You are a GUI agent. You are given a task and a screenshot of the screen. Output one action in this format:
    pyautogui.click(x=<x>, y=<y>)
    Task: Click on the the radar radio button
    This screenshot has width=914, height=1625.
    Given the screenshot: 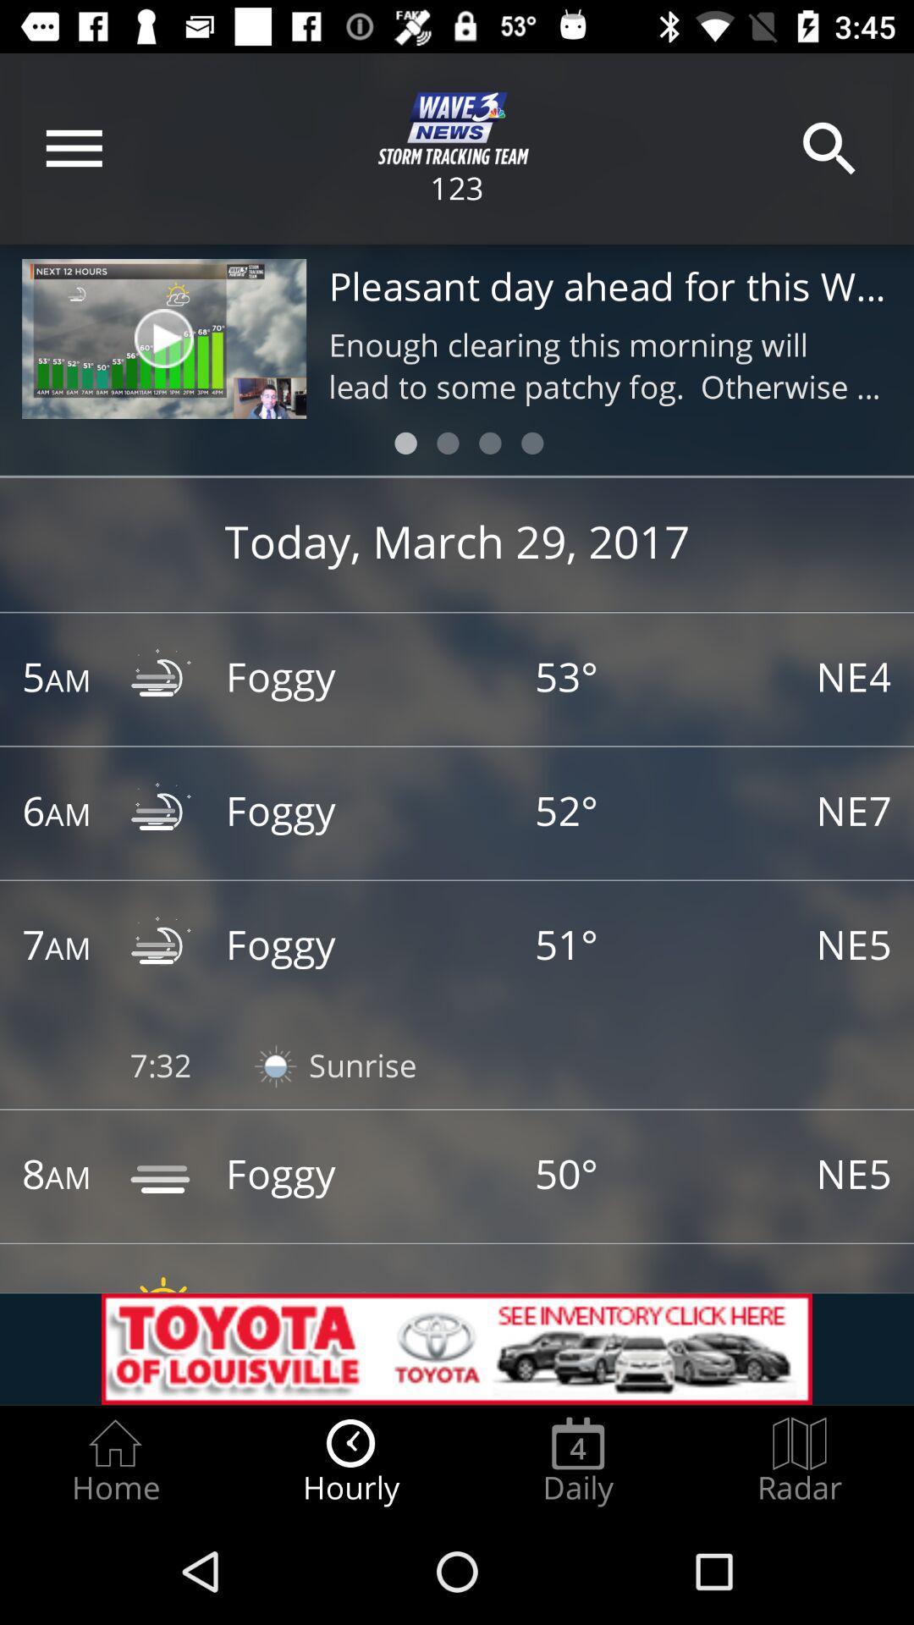 What is the action you would take?
    pyautogui.click(x=800, y=1461)
    